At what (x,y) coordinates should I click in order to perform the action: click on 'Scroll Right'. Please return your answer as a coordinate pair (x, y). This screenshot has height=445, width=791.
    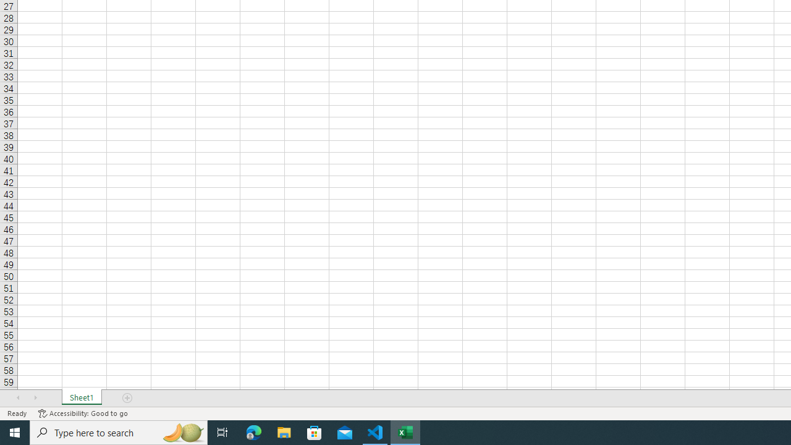
    Looking at the image, I should click on (35, 398).